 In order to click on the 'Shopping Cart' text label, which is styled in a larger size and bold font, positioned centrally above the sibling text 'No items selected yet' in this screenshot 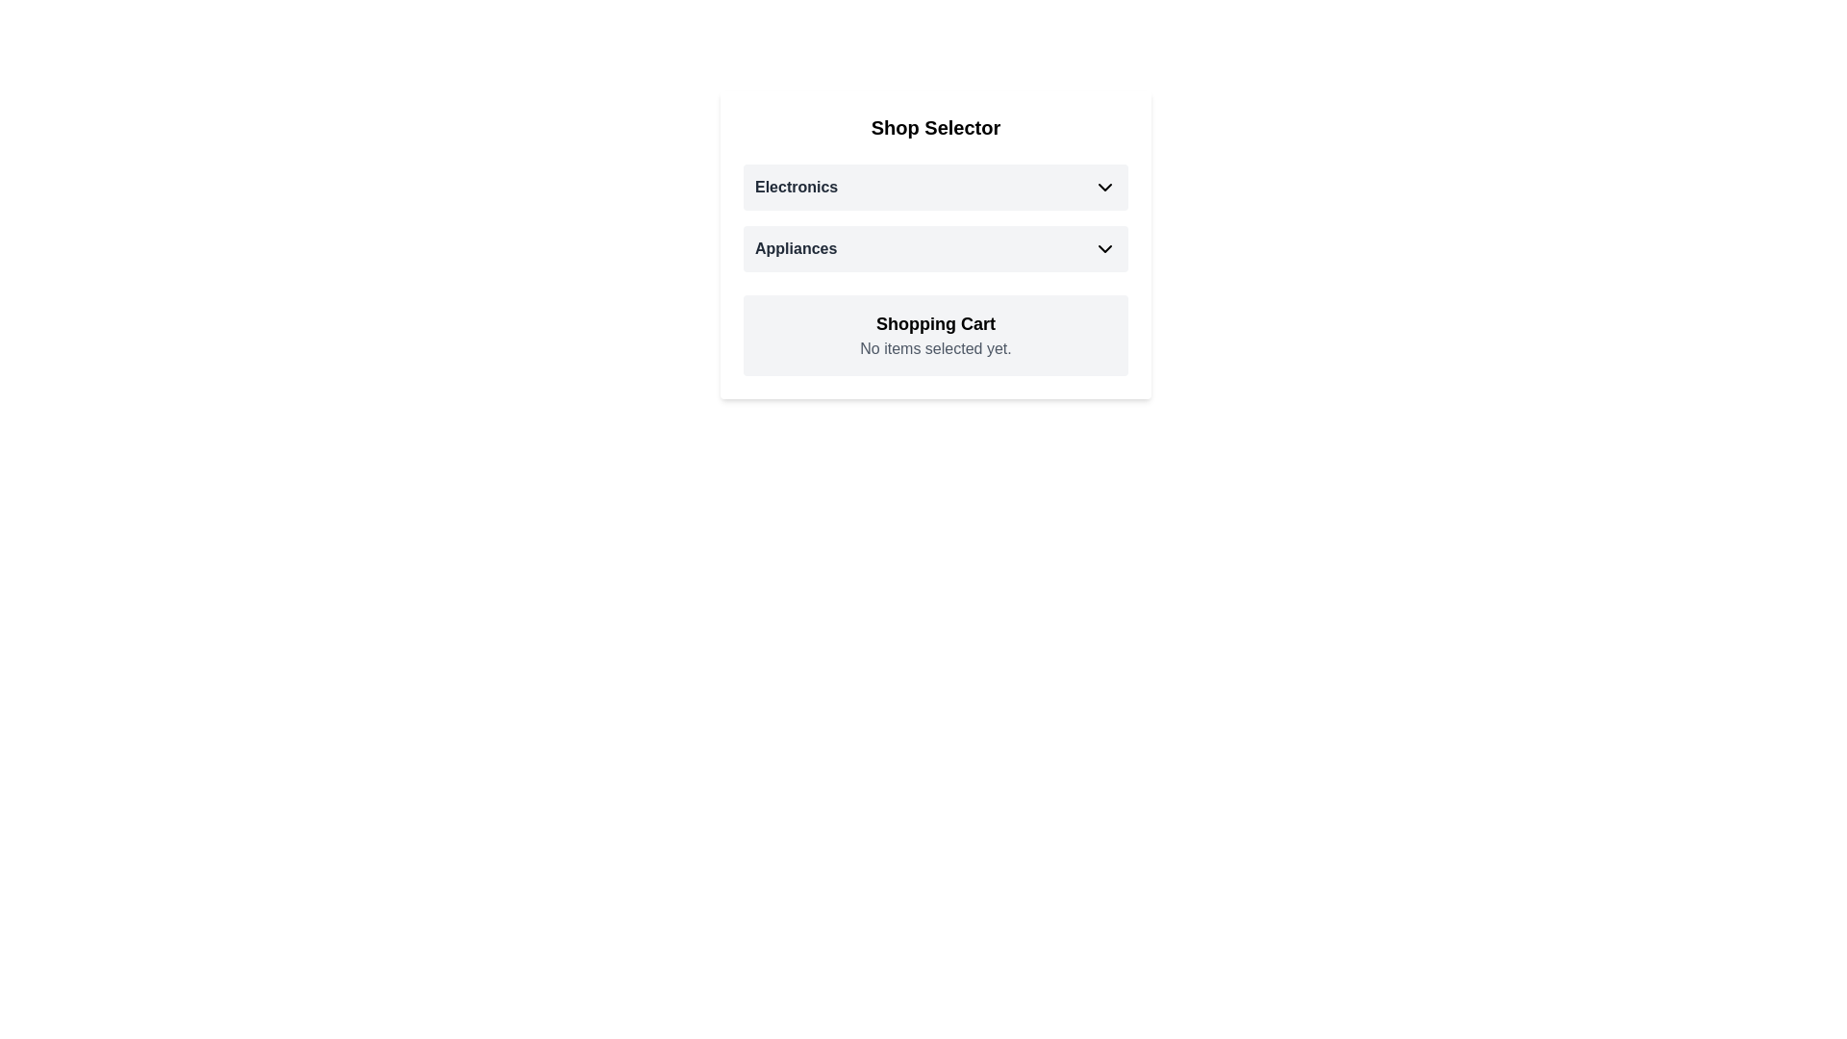, I will do `click(936, 322)`.